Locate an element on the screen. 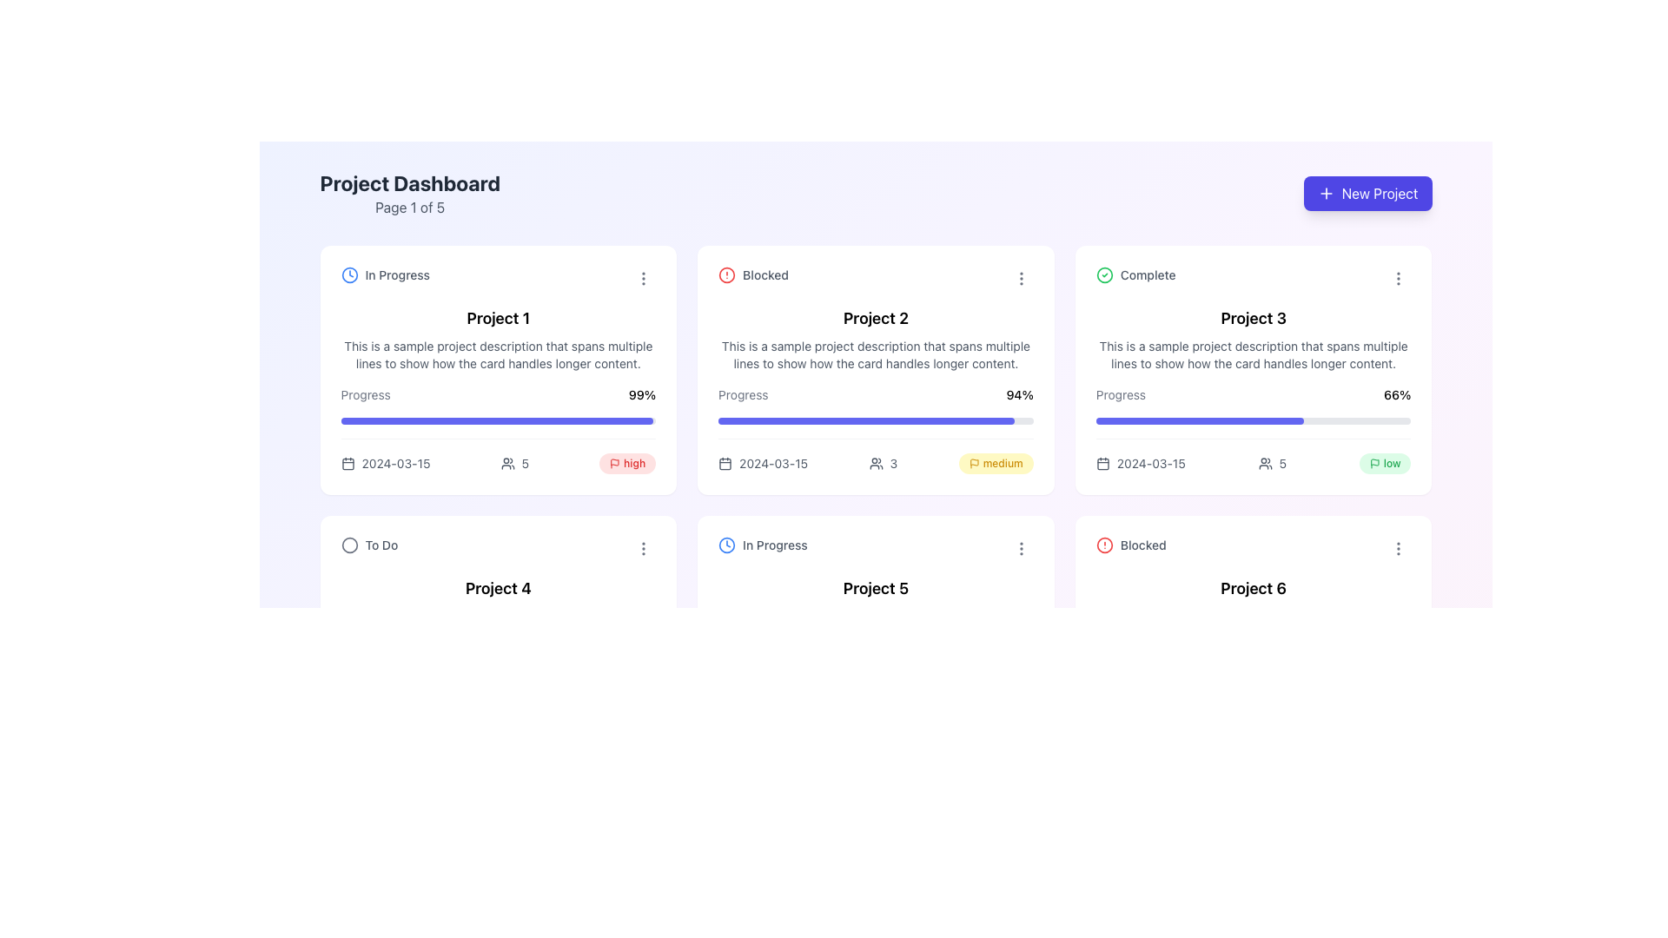  the date icon located to the left of the text '2024-03-15' in the first card of the top row in the grid layout, which represents project metadata is located at coordinates (347, 462).